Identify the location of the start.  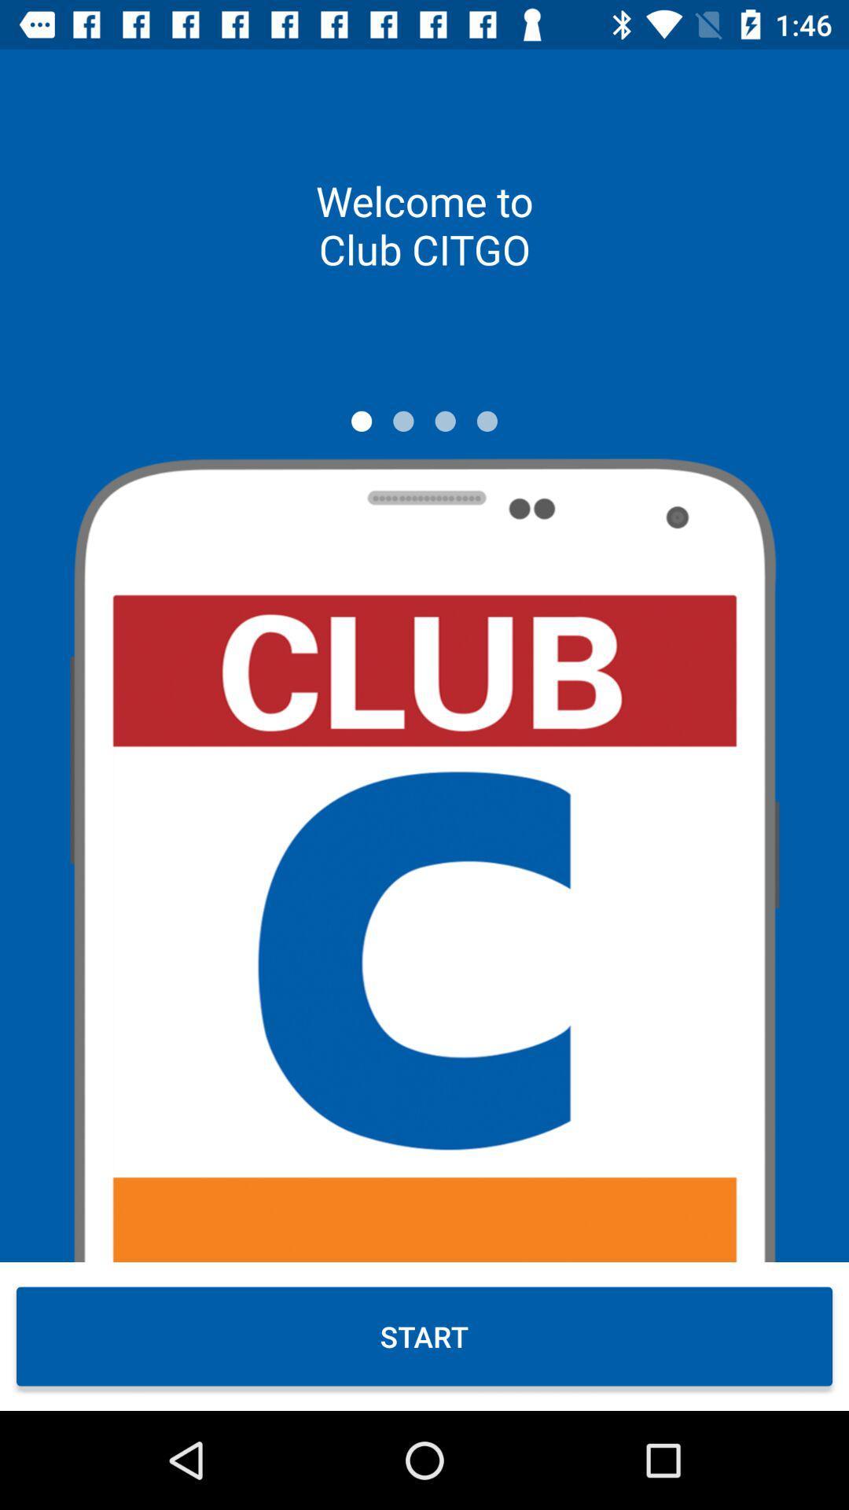
(424, 1335).